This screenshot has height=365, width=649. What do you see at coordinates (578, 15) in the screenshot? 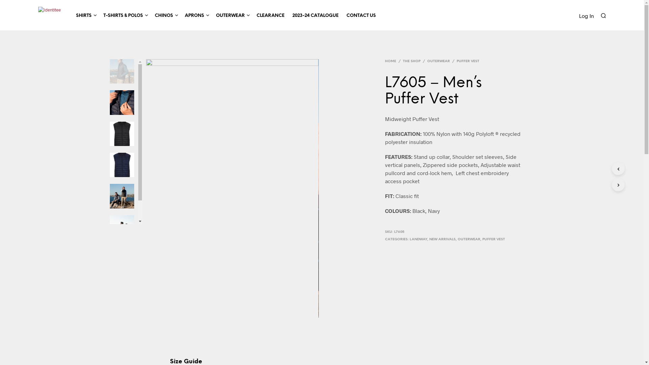
I see `'Log In'` at bounding box center [578, 15].